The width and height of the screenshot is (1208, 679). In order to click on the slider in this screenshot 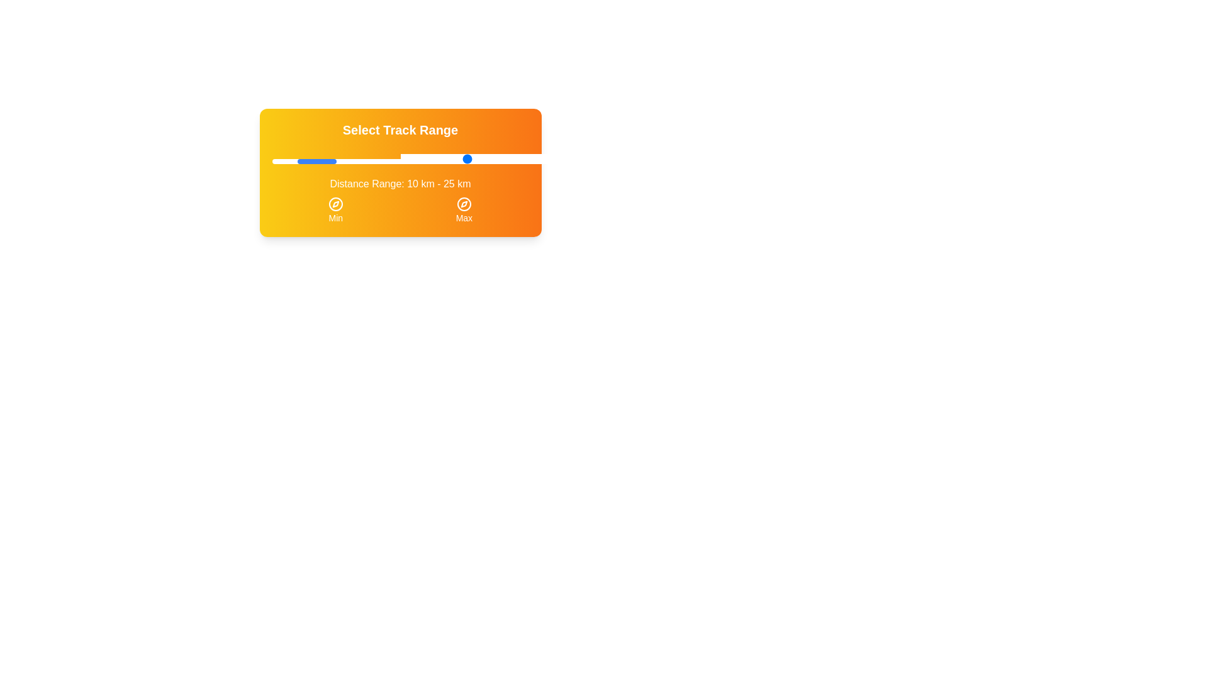, I will do `click(564, 158)`.